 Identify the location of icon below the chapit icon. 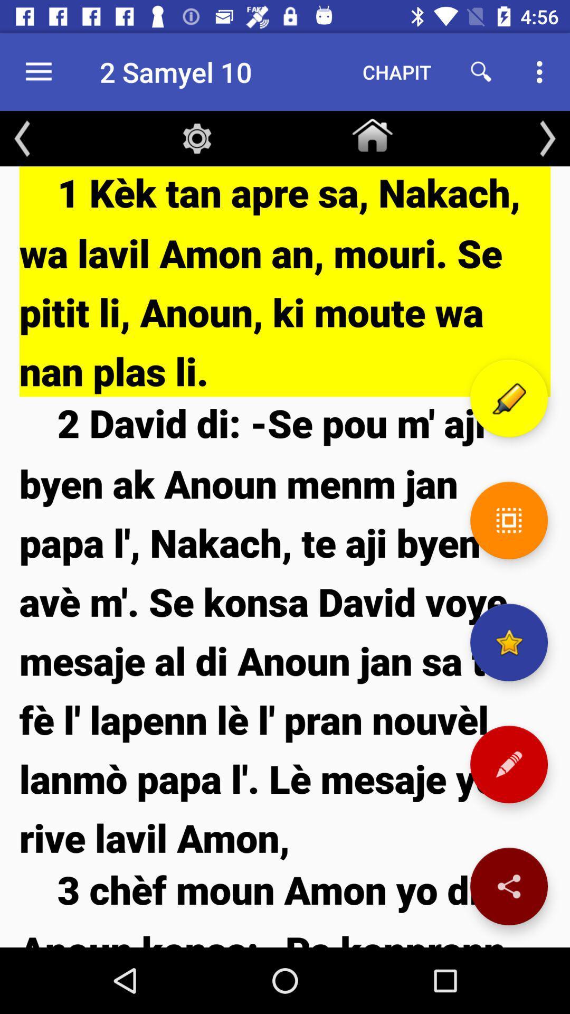
(372, 133).